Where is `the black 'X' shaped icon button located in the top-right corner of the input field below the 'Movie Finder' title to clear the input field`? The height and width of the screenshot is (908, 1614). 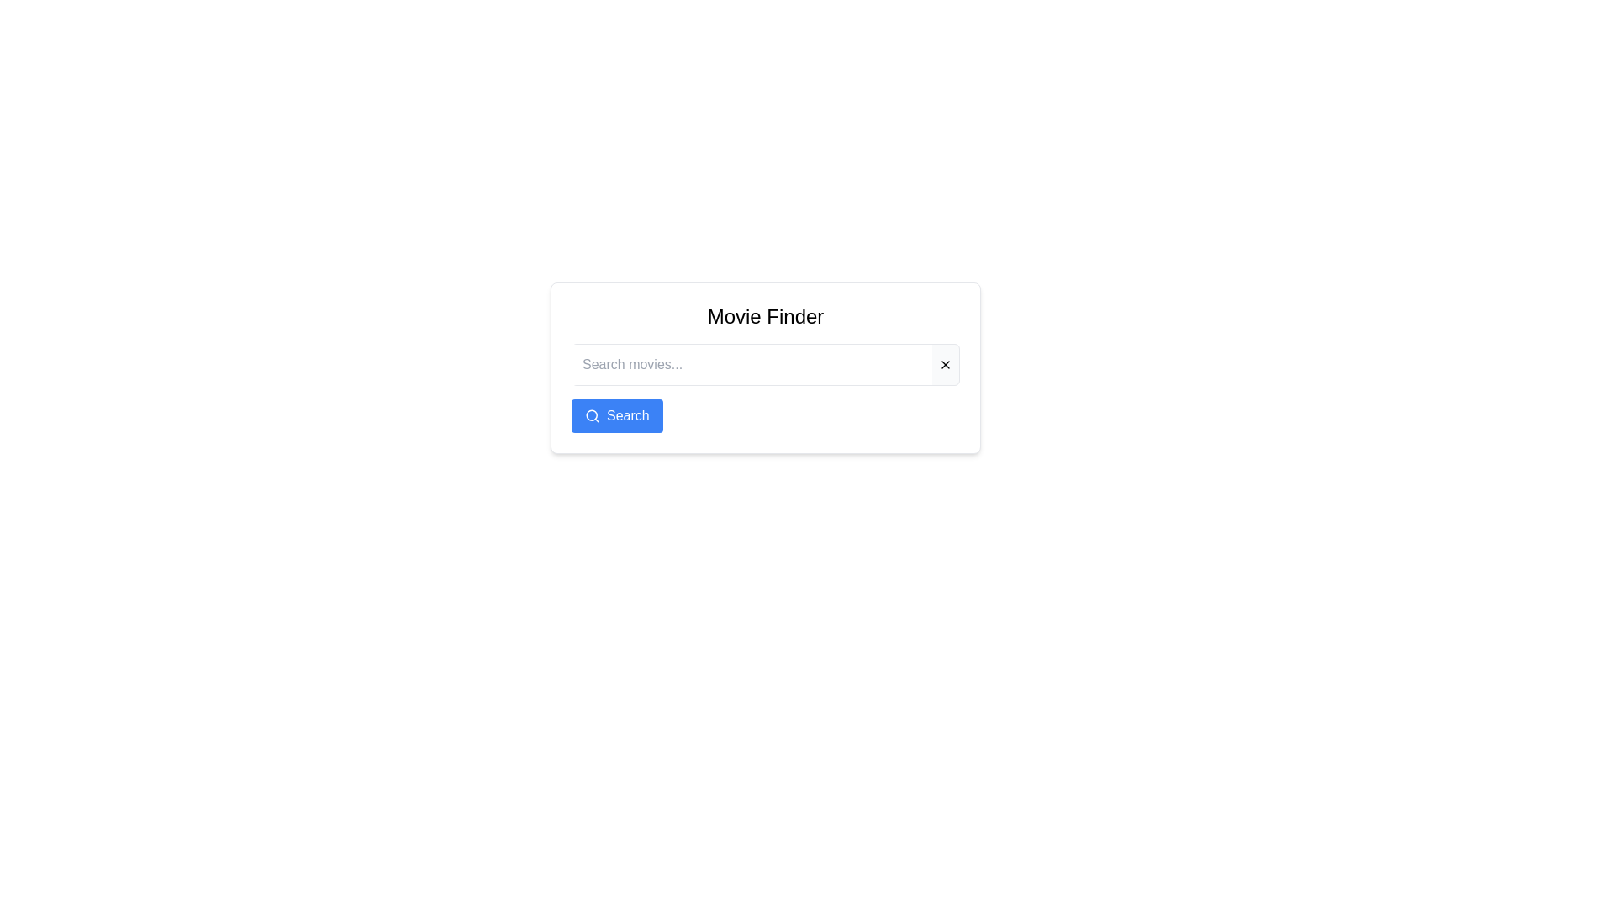
the black 'X' shaped icon button located in the top-right corner of the input field below the 'Movie Finder' title to clear the input field is located at coordinates (945, 364).